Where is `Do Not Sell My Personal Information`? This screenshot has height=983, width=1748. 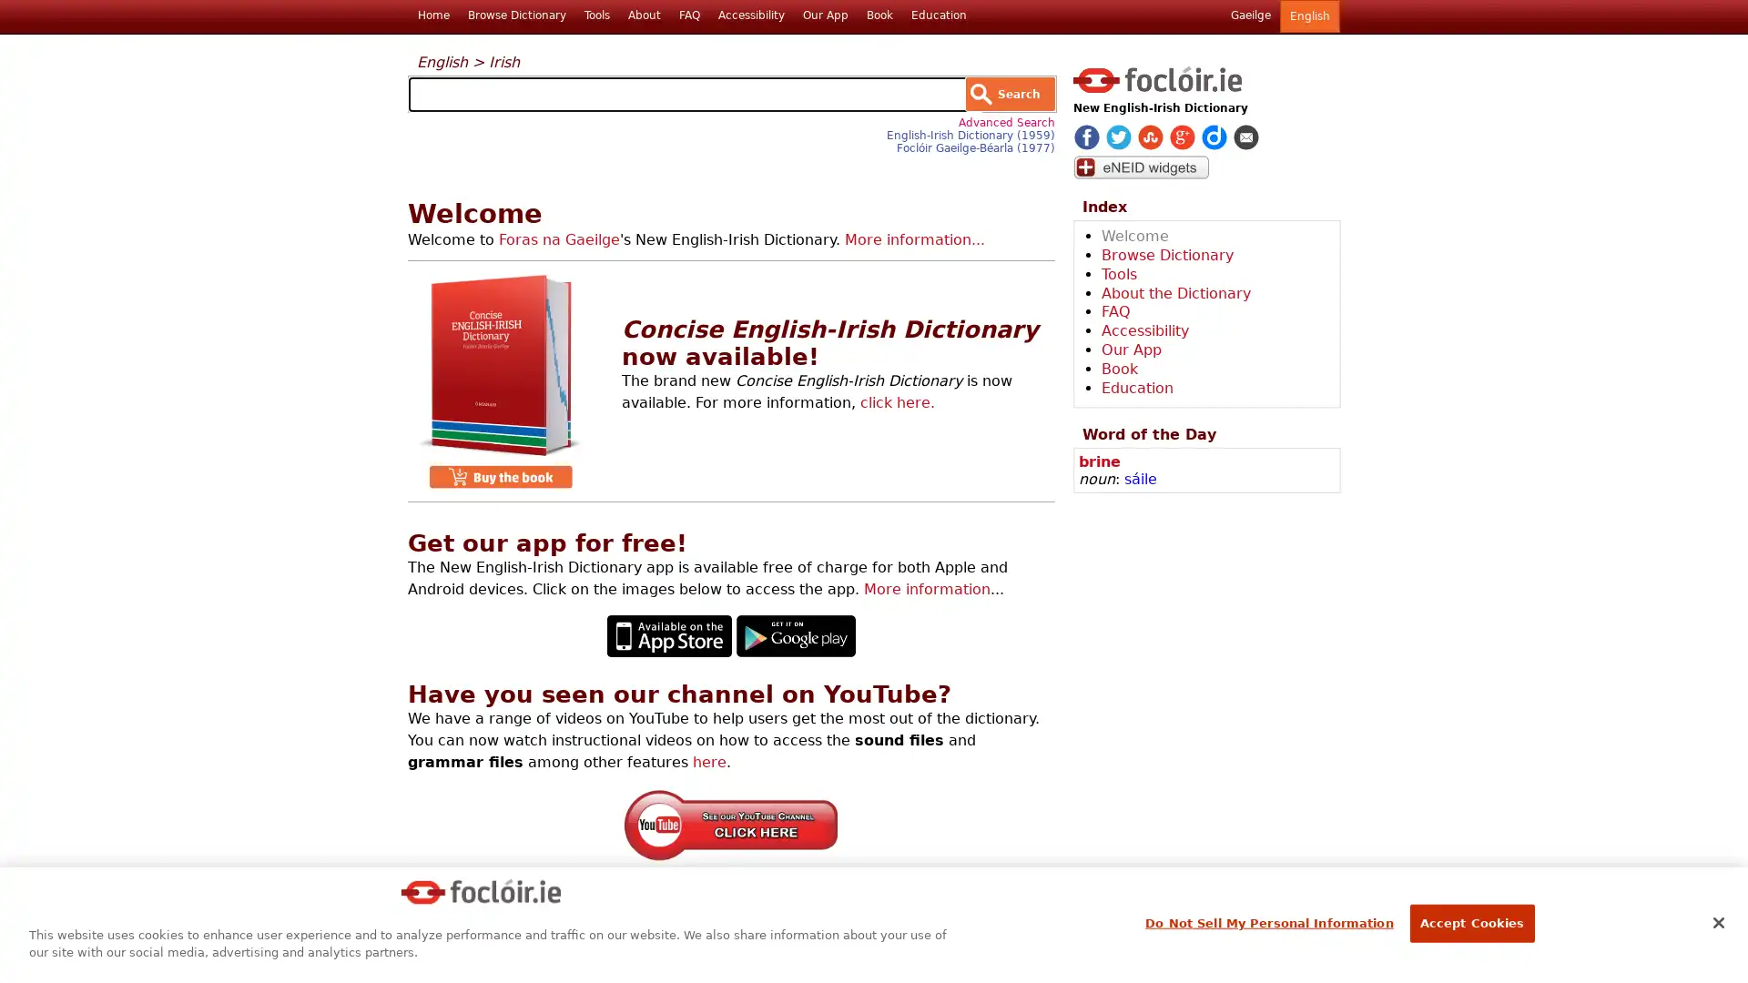 Do Not Sell My Personal Information is located at coordinates (1267, 923).